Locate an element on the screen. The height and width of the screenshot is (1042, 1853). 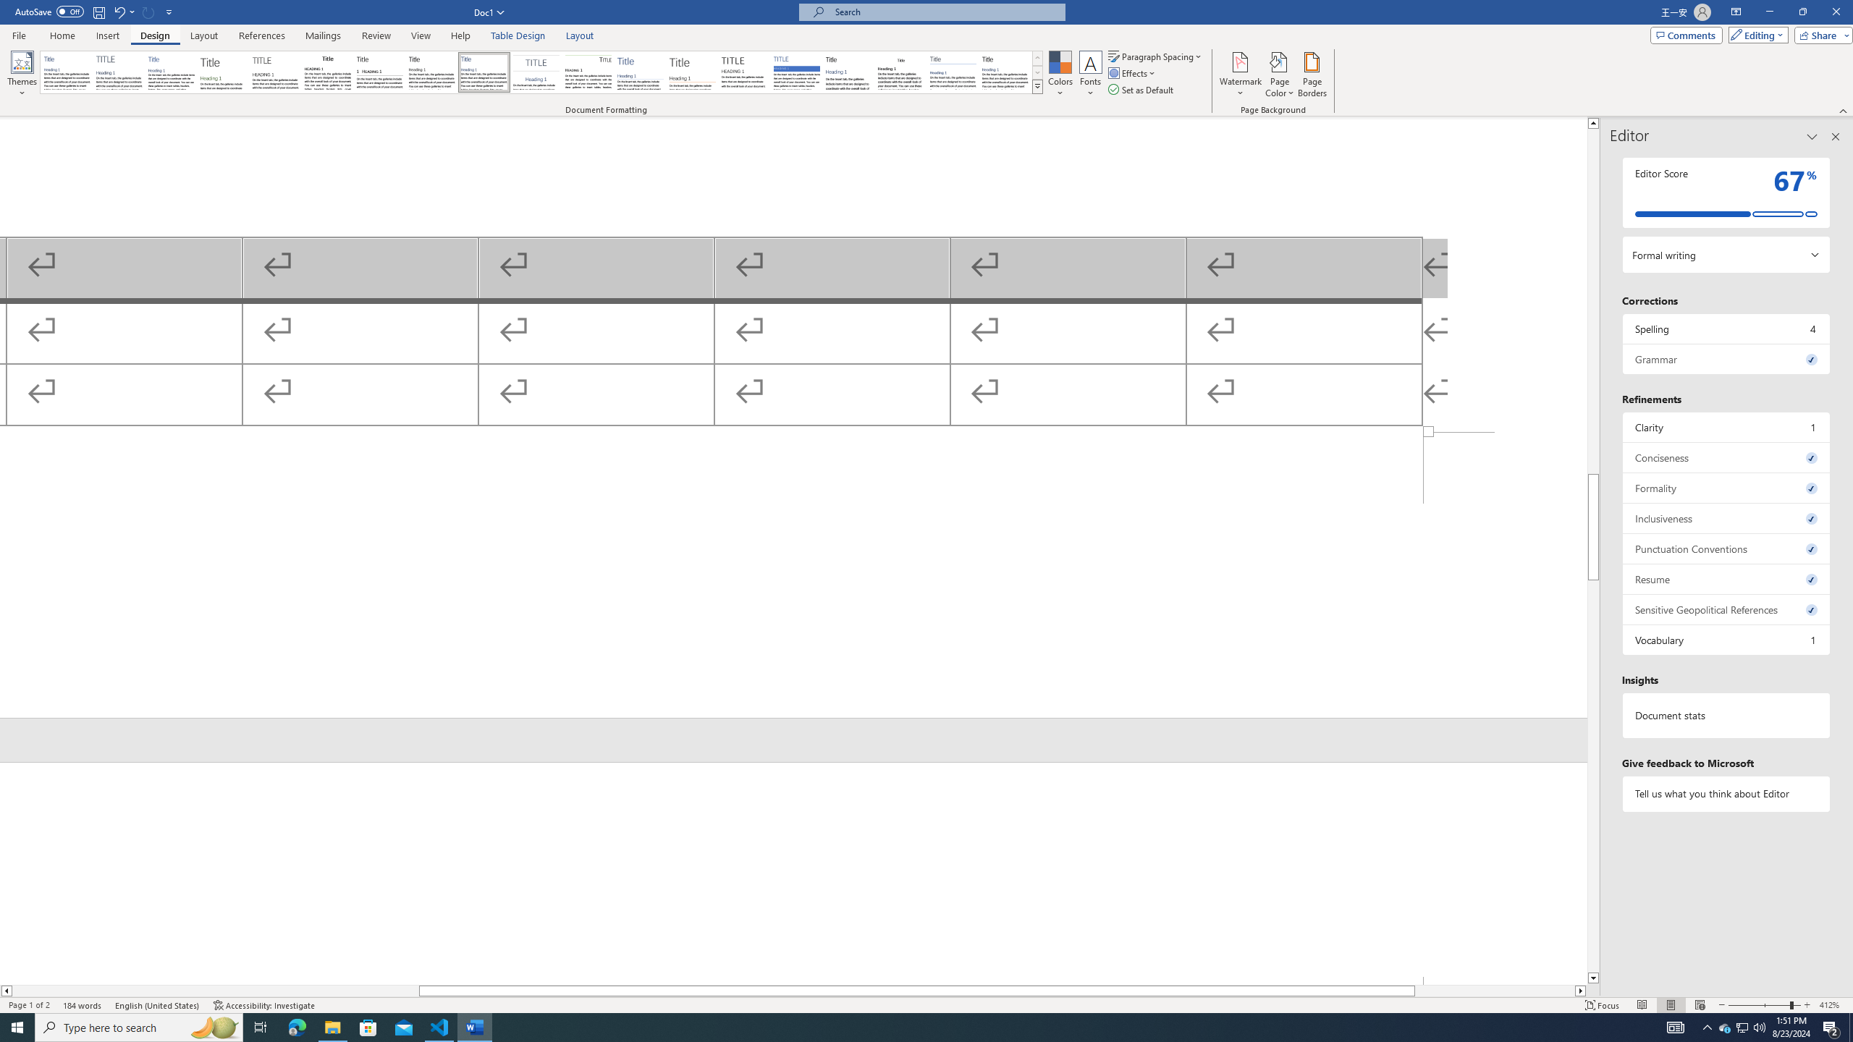
'Word 2013' is located at coordinates (1006, 72).